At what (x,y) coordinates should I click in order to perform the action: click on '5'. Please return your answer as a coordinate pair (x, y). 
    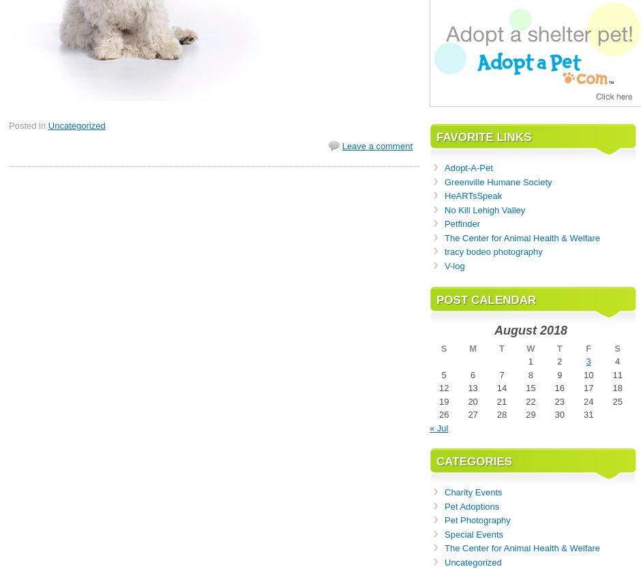
    Looking at the image, I should click on (443, 374).